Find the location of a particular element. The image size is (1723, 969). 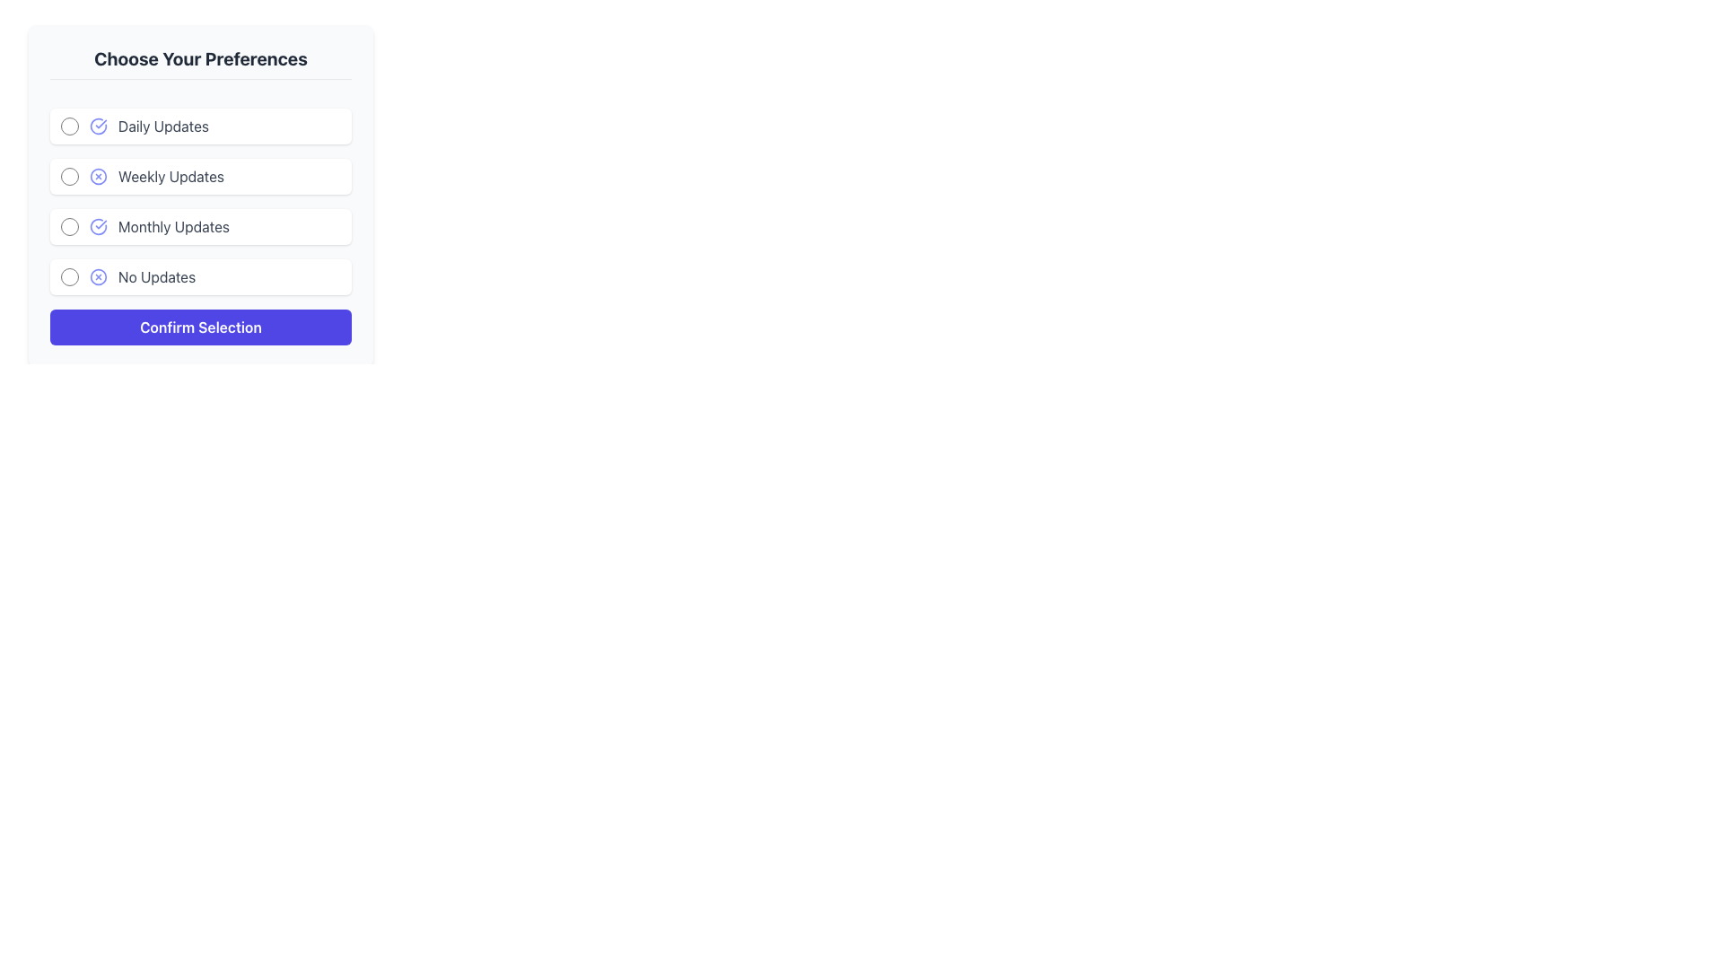

text label describing the 'Weekly Updates' radio button, which is positioned beneath 'Daily Updates' and above 'Monthly Updates' is located at coordinates (171, 176).